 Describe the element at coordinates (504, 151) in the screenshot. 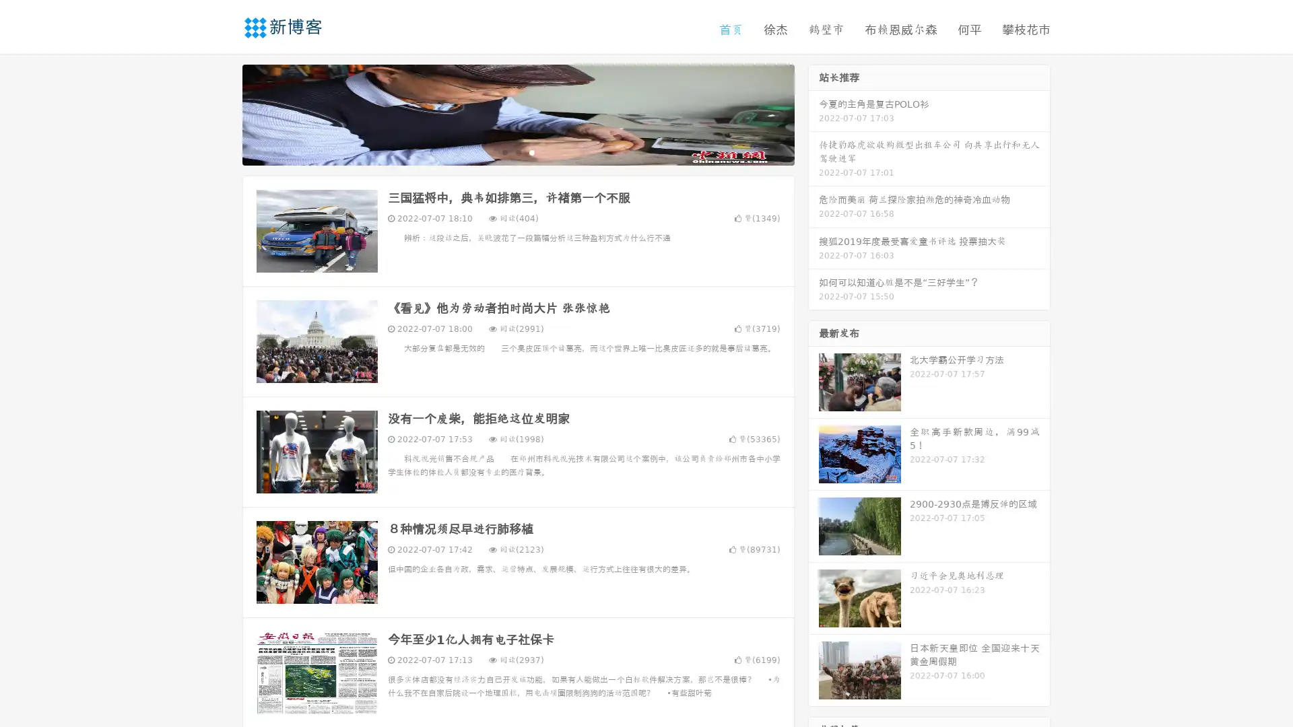

I see `Go to slide 1` at that location.